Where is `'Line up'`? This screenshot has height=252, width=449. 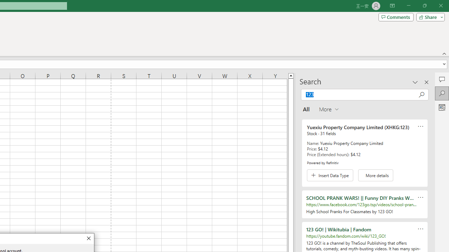
'Line up' is located at coordinates (291, 75).